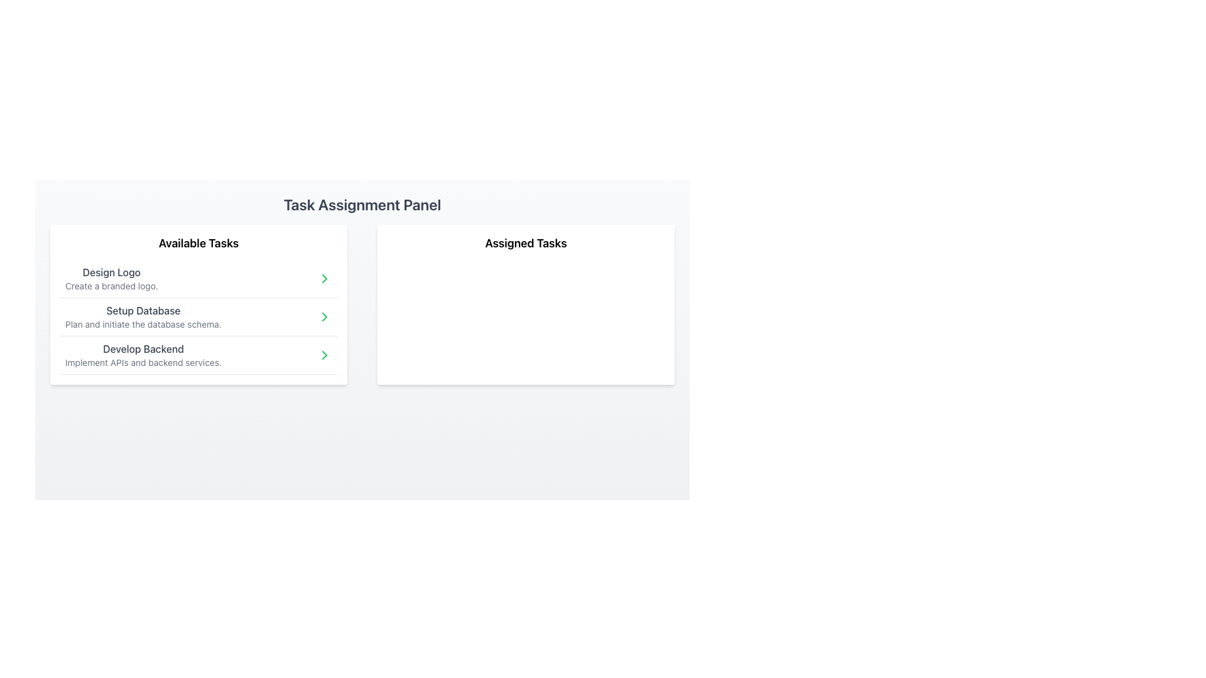 This screenshot has width=1206, height=678. Describe the element at coordinates (325, 355) in the screenshot. I see `the navigation button located at the rightmost side of the 'Develop Backend' task row` at that location.